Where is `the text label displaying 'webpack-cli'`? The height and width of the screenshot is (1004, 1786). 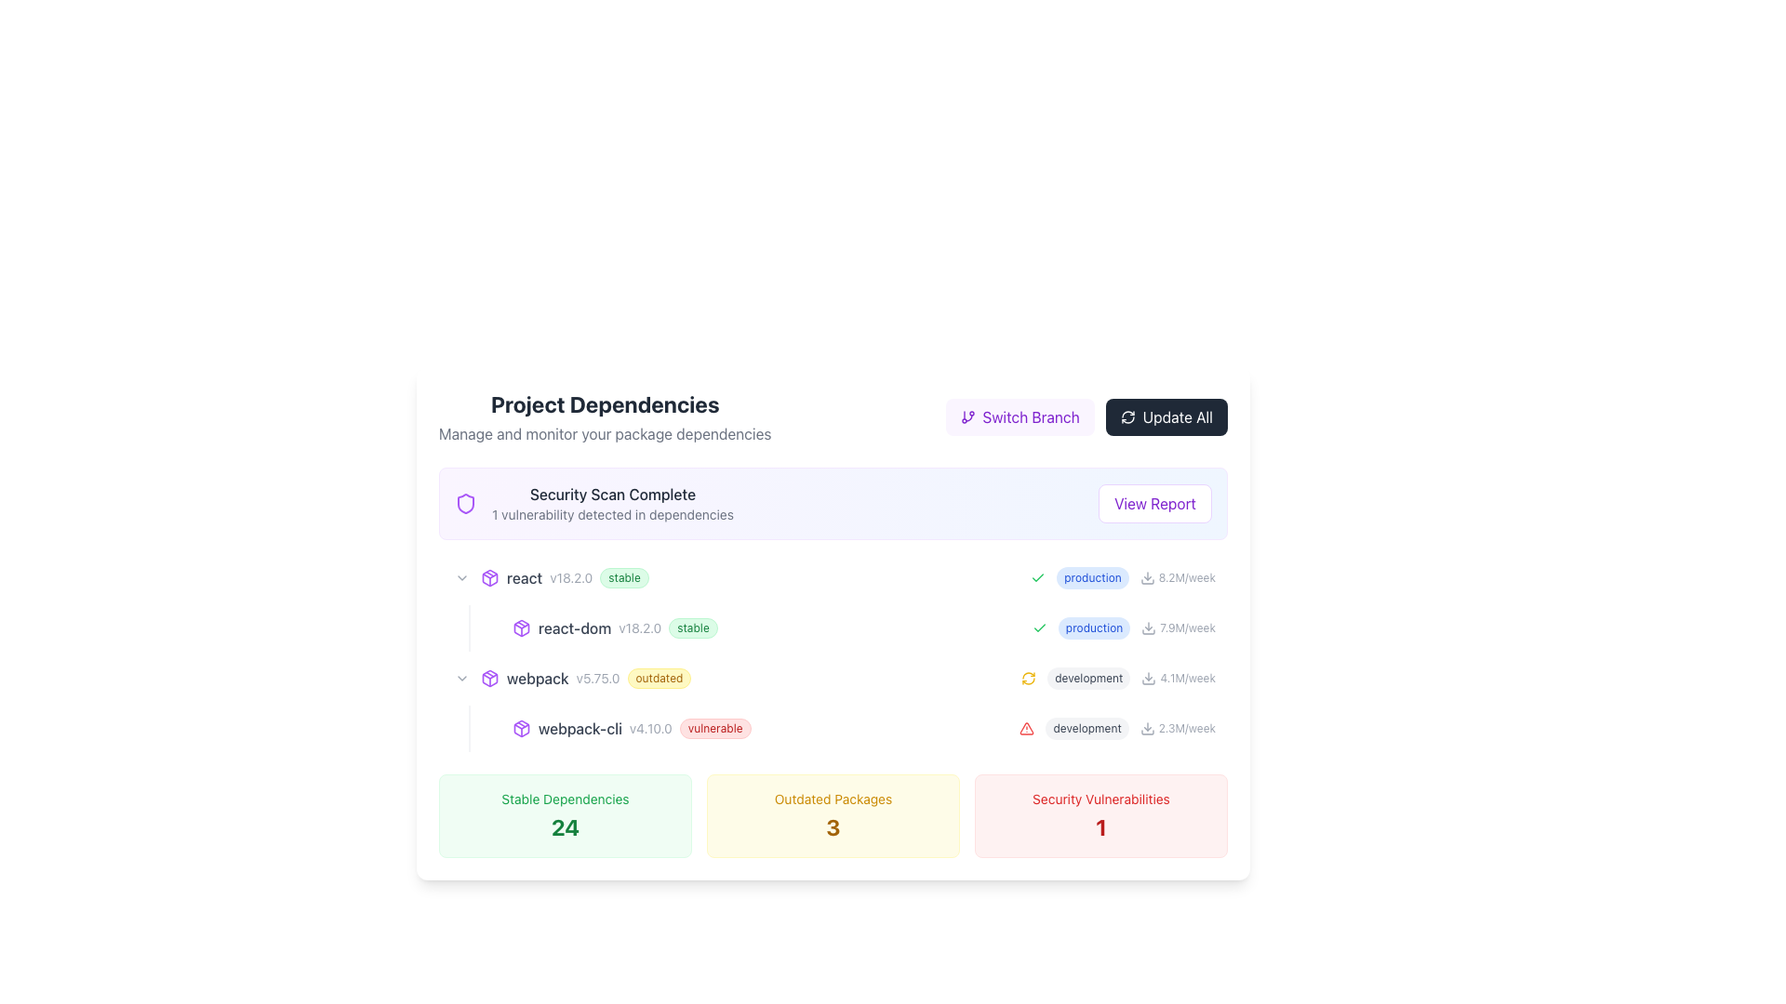 the text label displaying 'webpack-cli' is located at coordinates (580, 727).